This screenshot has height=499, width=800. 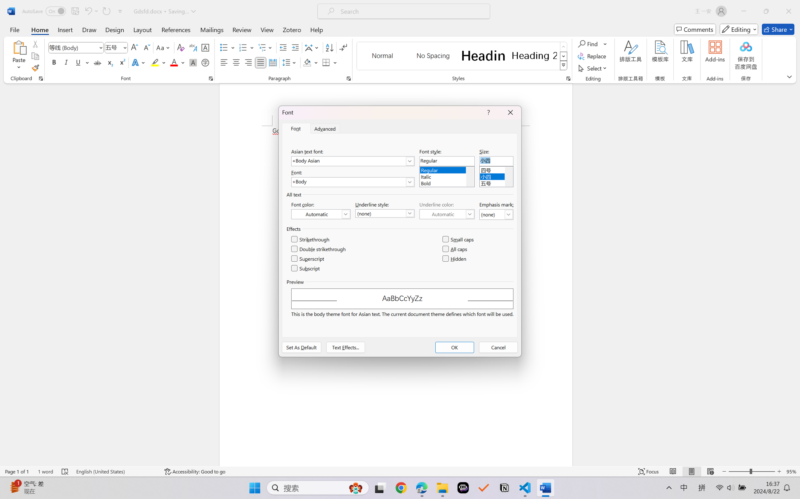 I want to click on 'Subscript', so click(x=306, y=268).